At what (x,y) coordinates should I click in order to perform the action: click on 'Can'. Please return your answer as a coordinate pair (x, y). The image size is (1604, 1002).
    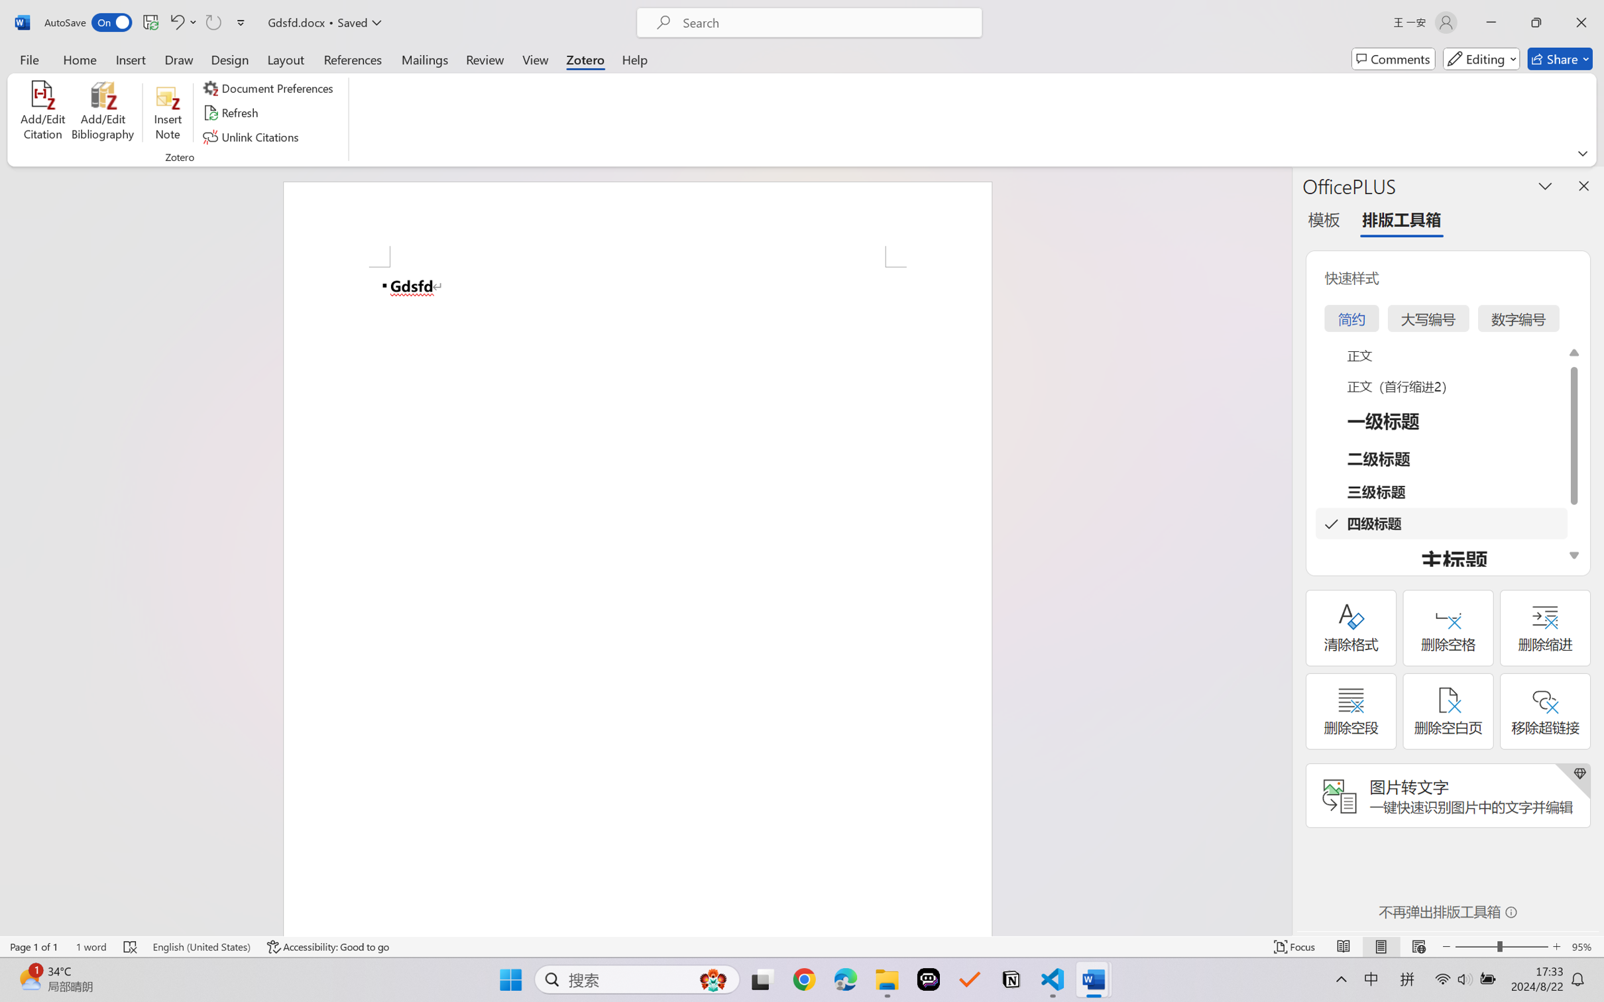
    Looking at the image, I should click on (212, 22).